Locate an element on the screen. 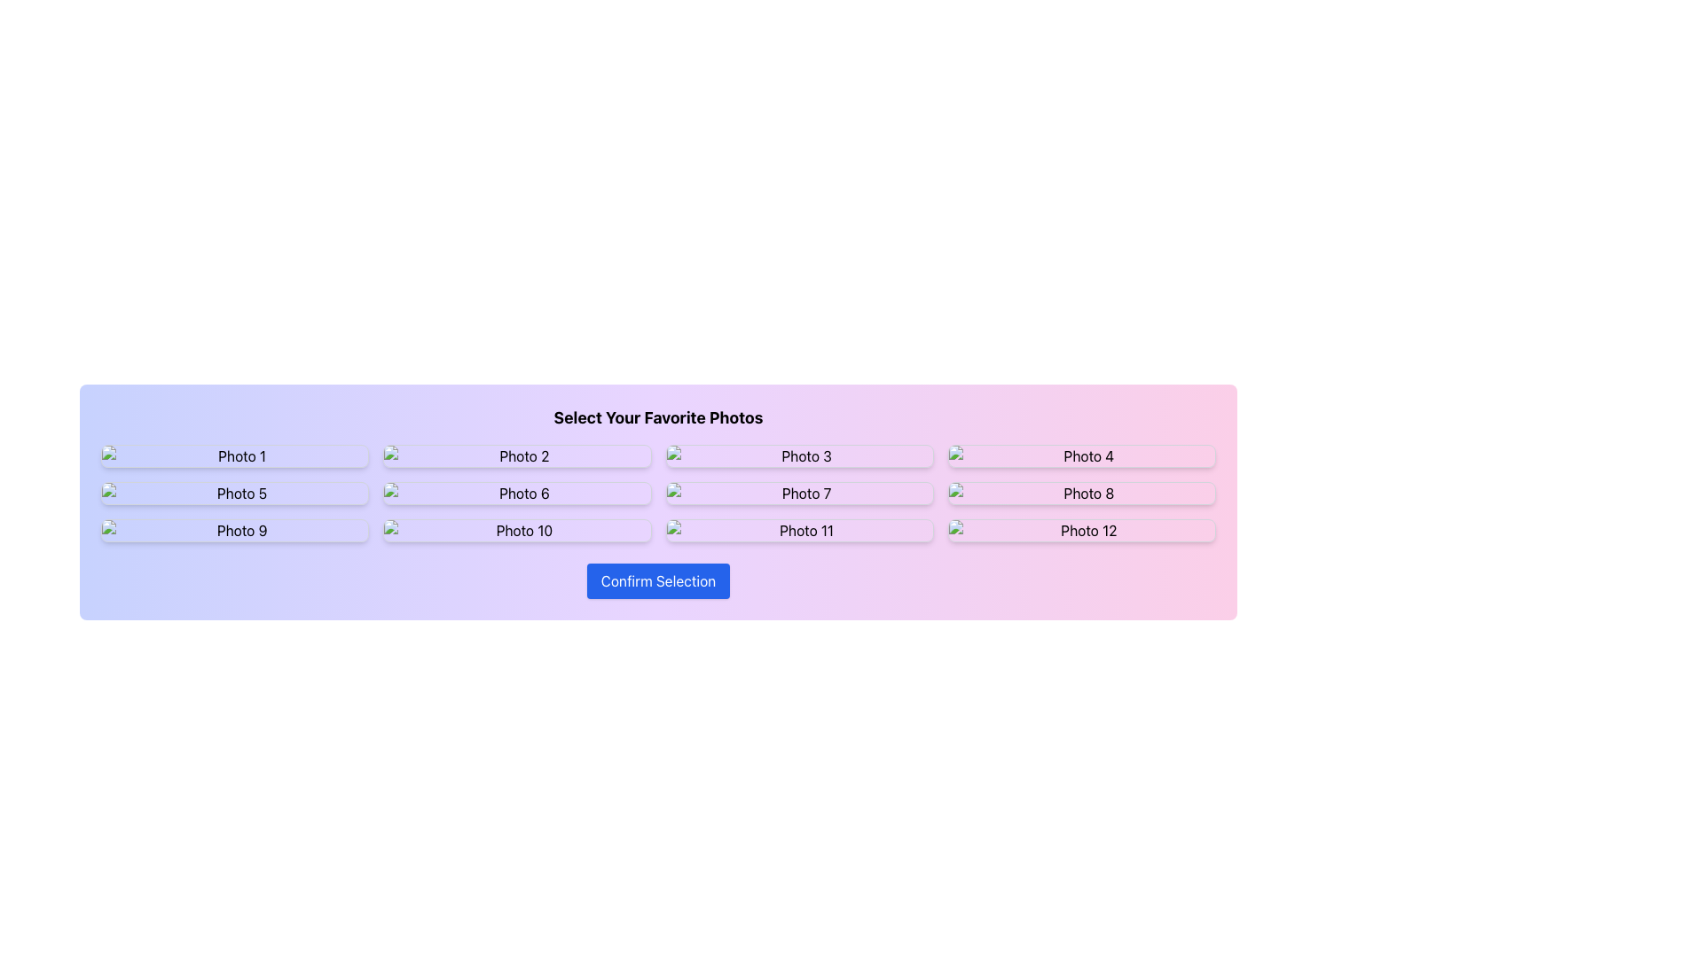 This screenshot has height=957, width=1703. the selectable card in the second row, first column of the grid layout is located at coordinates (234, 493).